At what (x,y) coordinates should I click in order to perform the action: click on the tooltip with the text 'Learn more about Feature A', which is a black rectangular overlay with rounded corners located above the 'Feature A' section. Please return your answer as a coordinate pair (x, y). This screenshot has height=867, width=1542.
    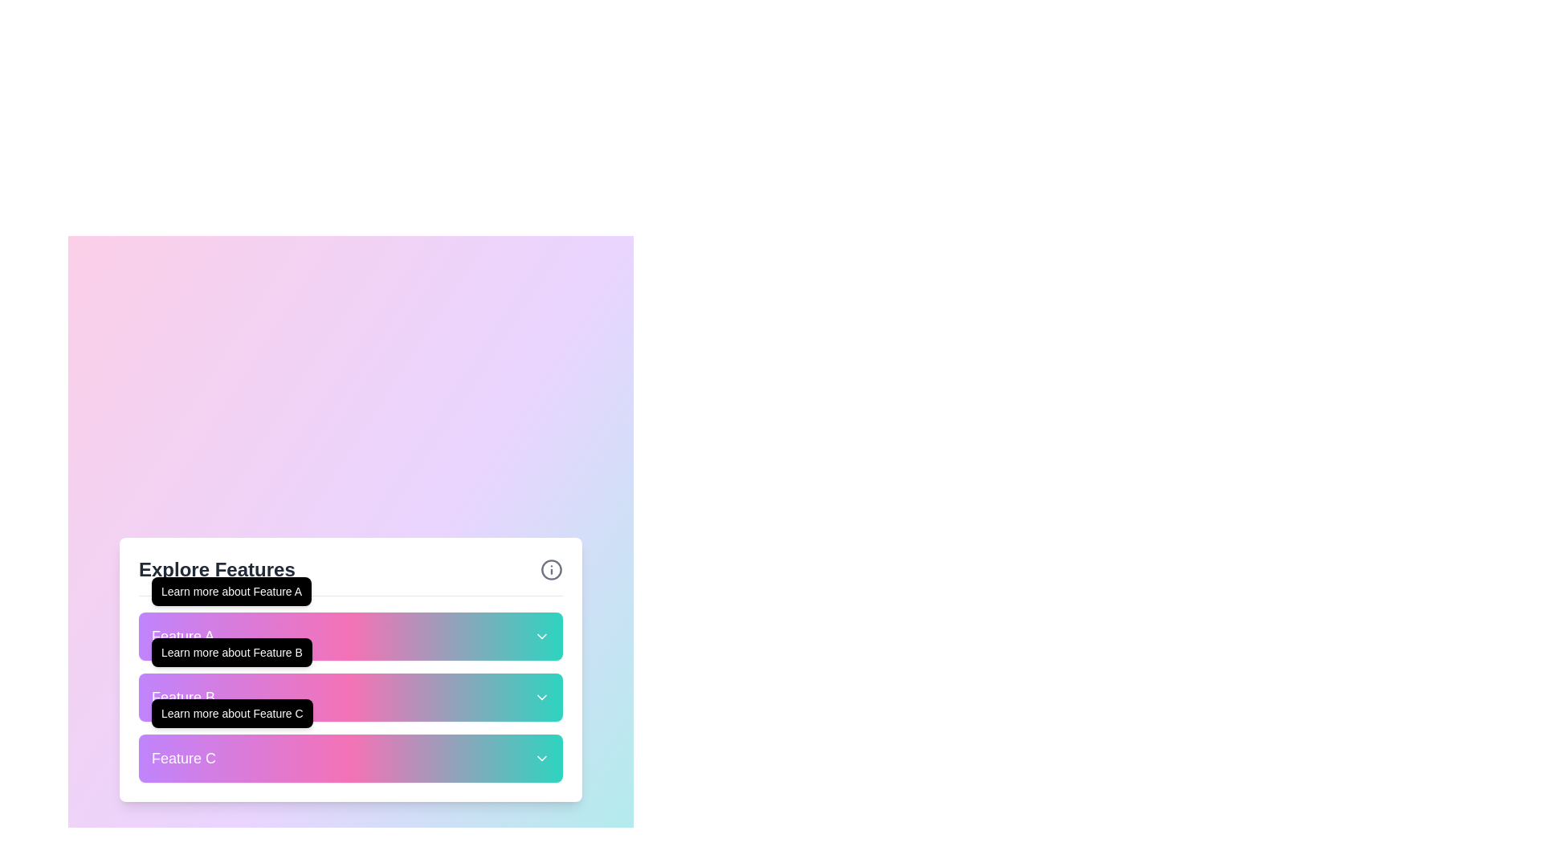
    Looking at the image, I should click on (230, 591).